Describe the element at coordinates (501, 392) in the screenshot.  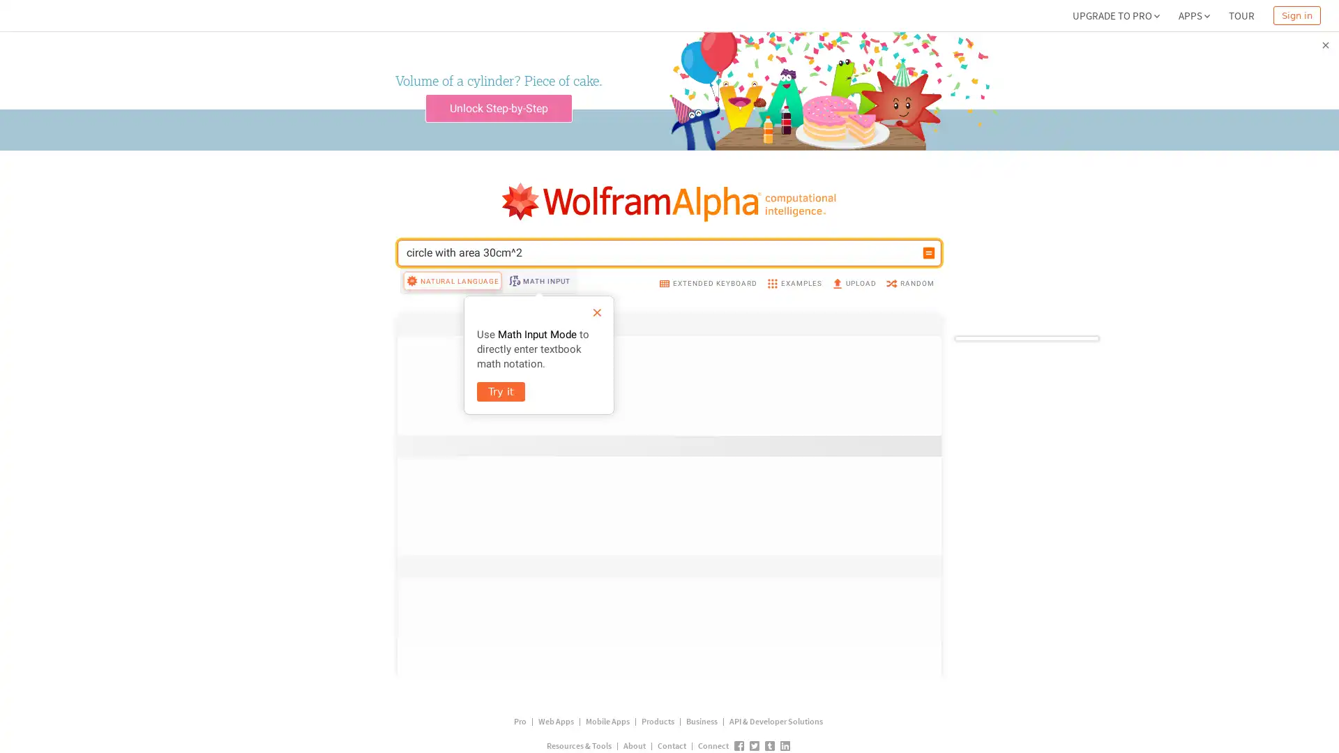
I see `Try it` at that location.